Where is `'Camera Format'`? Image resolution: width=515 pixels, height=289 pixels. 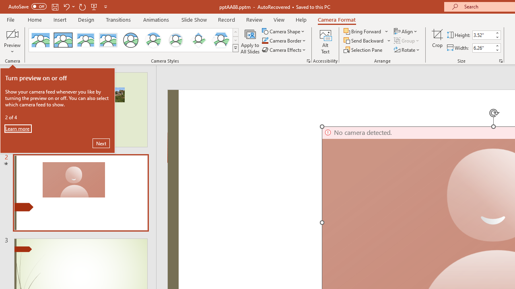
'Camera Format' is located at coordinates (337, 19).